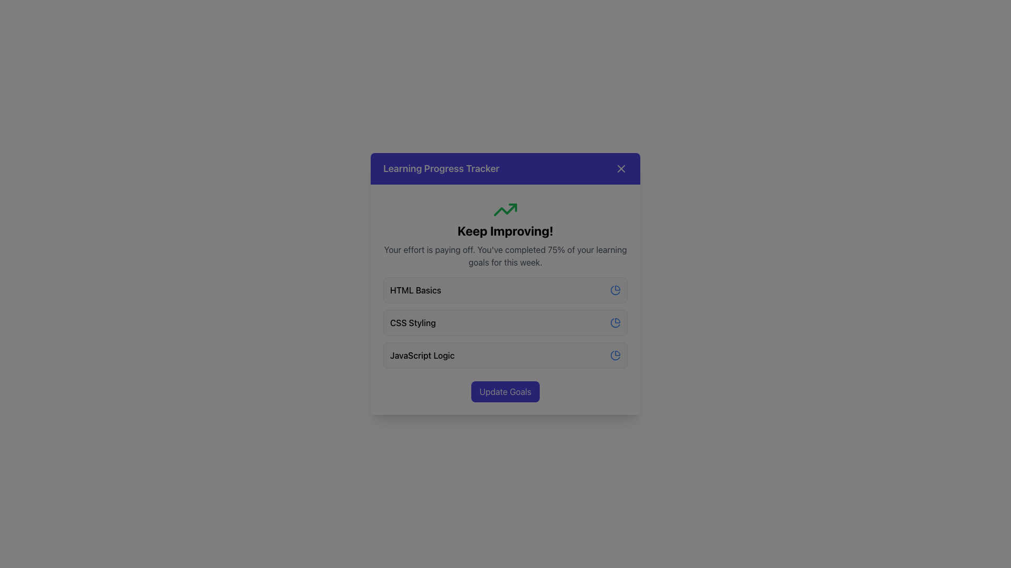 The height and width of the screenshot is (568, 1011). Describe the element at coordinates (616, 322) in the screenshot. I see `the circular blue pie chart icon located to the right of the 'CSS Styling' text in the interface` at that location.